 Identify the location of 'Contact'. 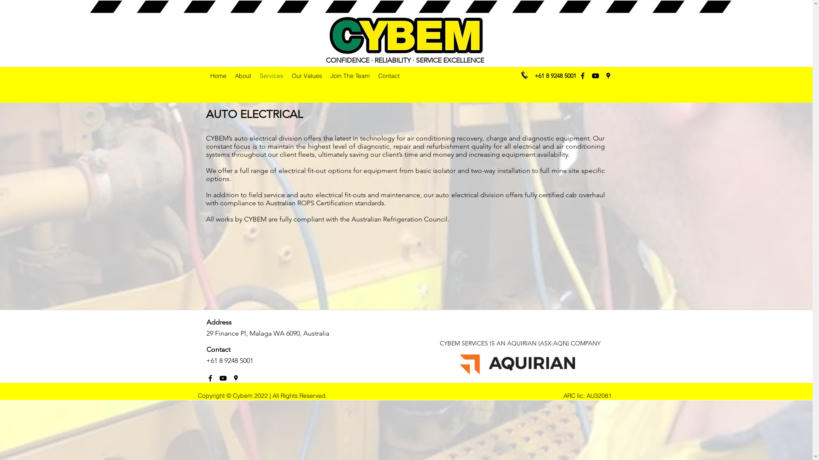
(388, 75).